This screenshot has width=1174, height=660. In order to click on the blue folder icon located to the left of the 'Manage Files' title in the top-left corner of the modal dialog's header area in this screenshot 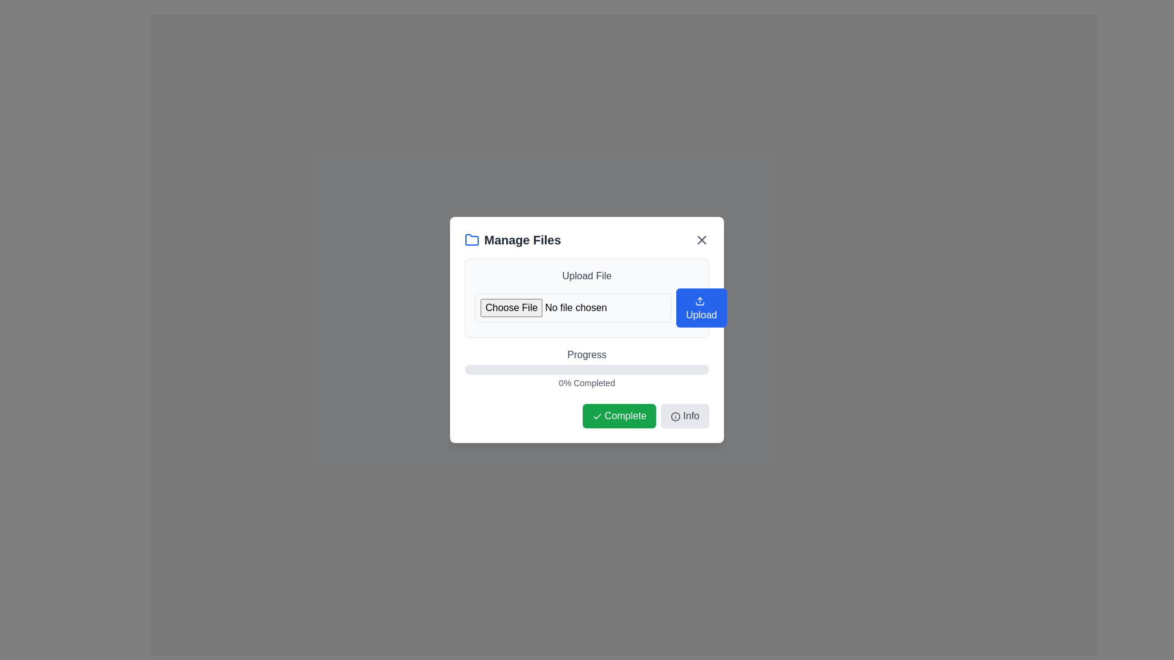, I will do `click(471, 240)`.